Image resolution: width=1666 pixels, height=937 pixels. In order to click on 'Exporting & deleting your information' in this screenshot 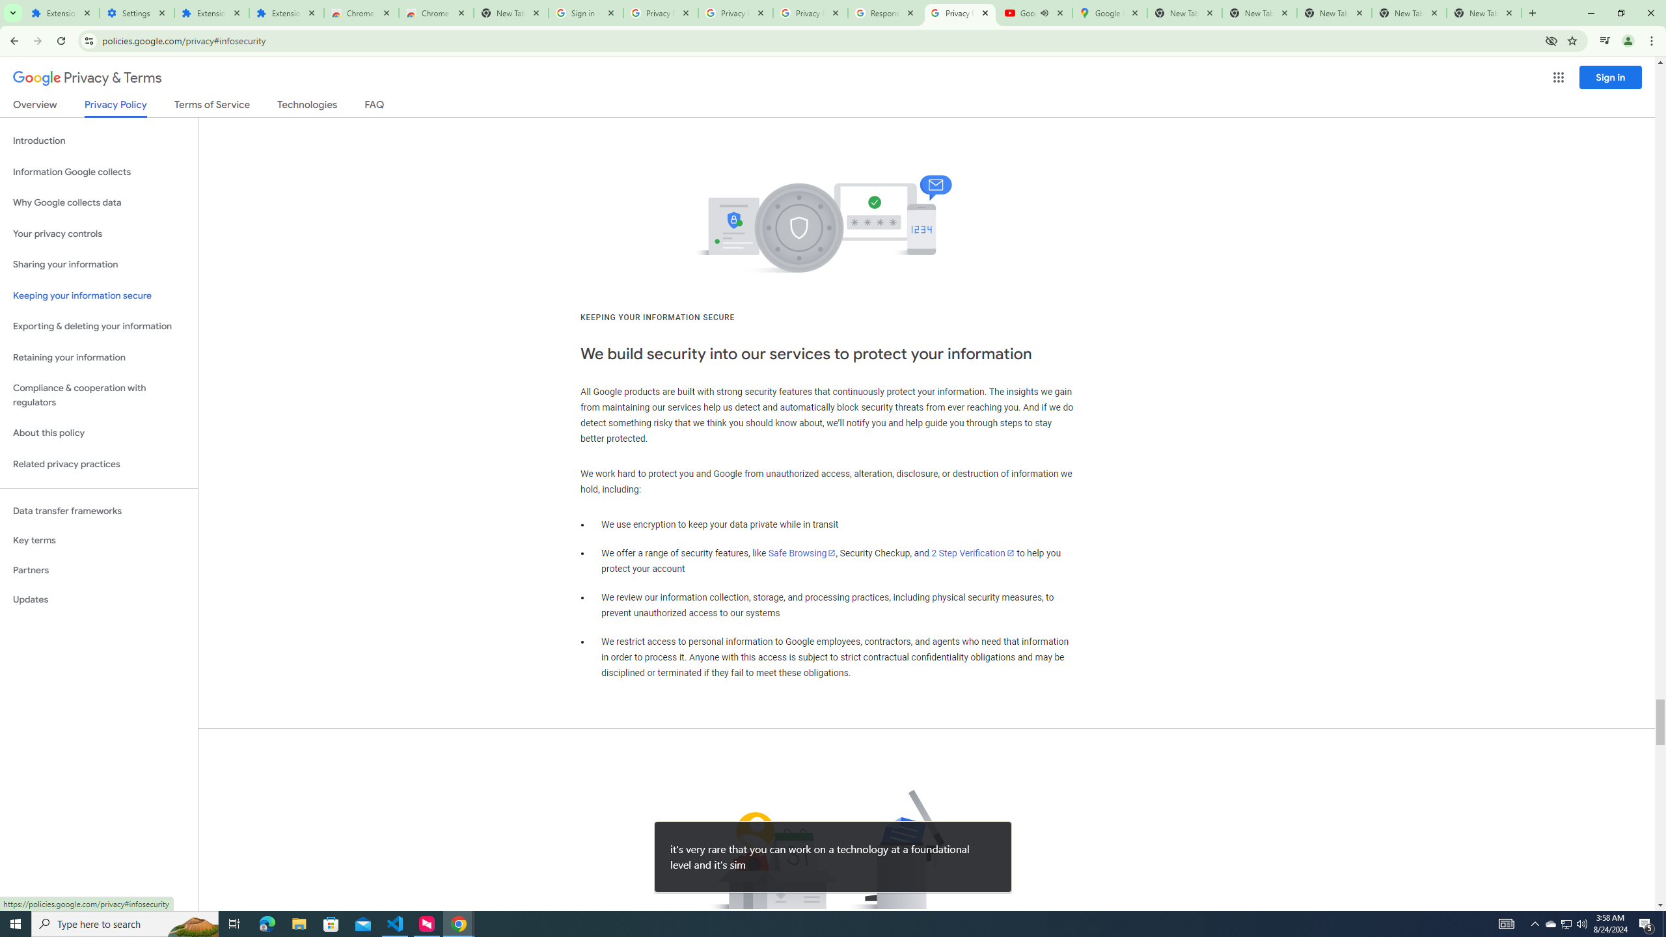, I will do `click(98, 326)`.